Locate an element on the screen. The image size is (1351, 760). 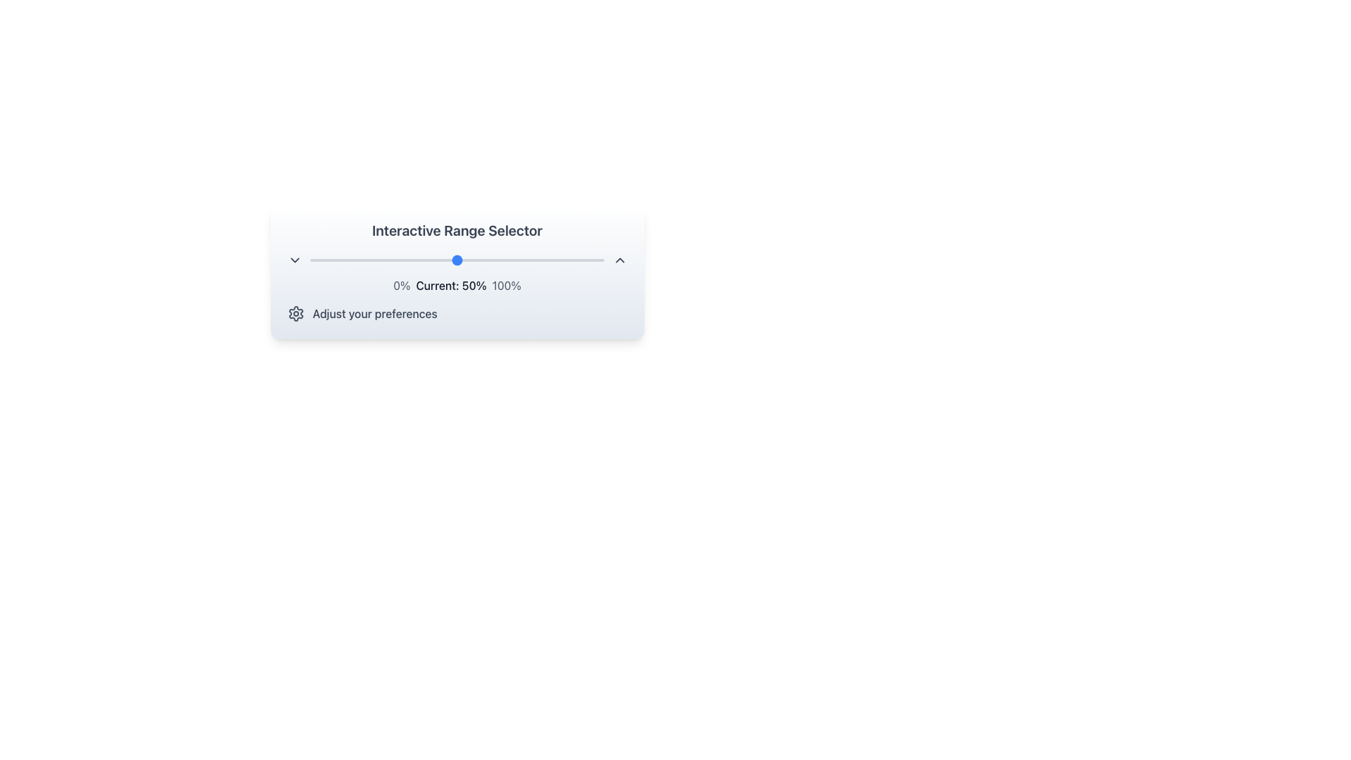
the slider value is located at coordinates (545, 260).